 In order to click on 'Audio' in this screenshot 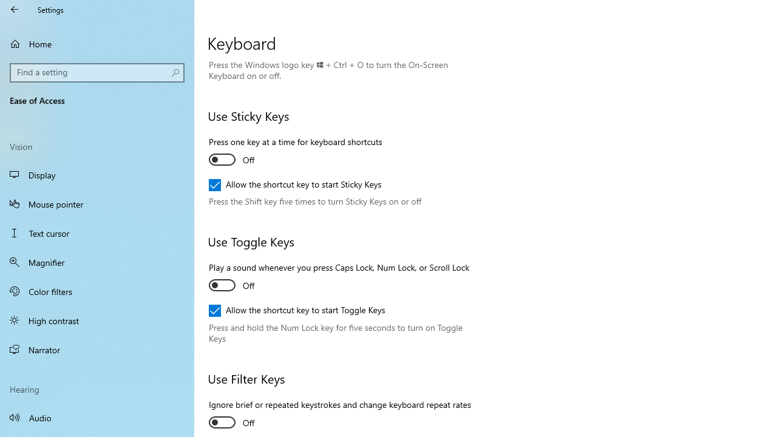, I will do `click(97, 416)`.